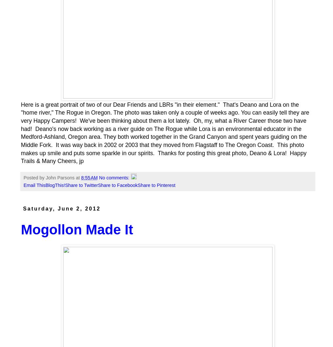  What do you see at coordinates (34, 177) in the screenshot?
I see `'Posted by'` at bounding box center [34, 177].